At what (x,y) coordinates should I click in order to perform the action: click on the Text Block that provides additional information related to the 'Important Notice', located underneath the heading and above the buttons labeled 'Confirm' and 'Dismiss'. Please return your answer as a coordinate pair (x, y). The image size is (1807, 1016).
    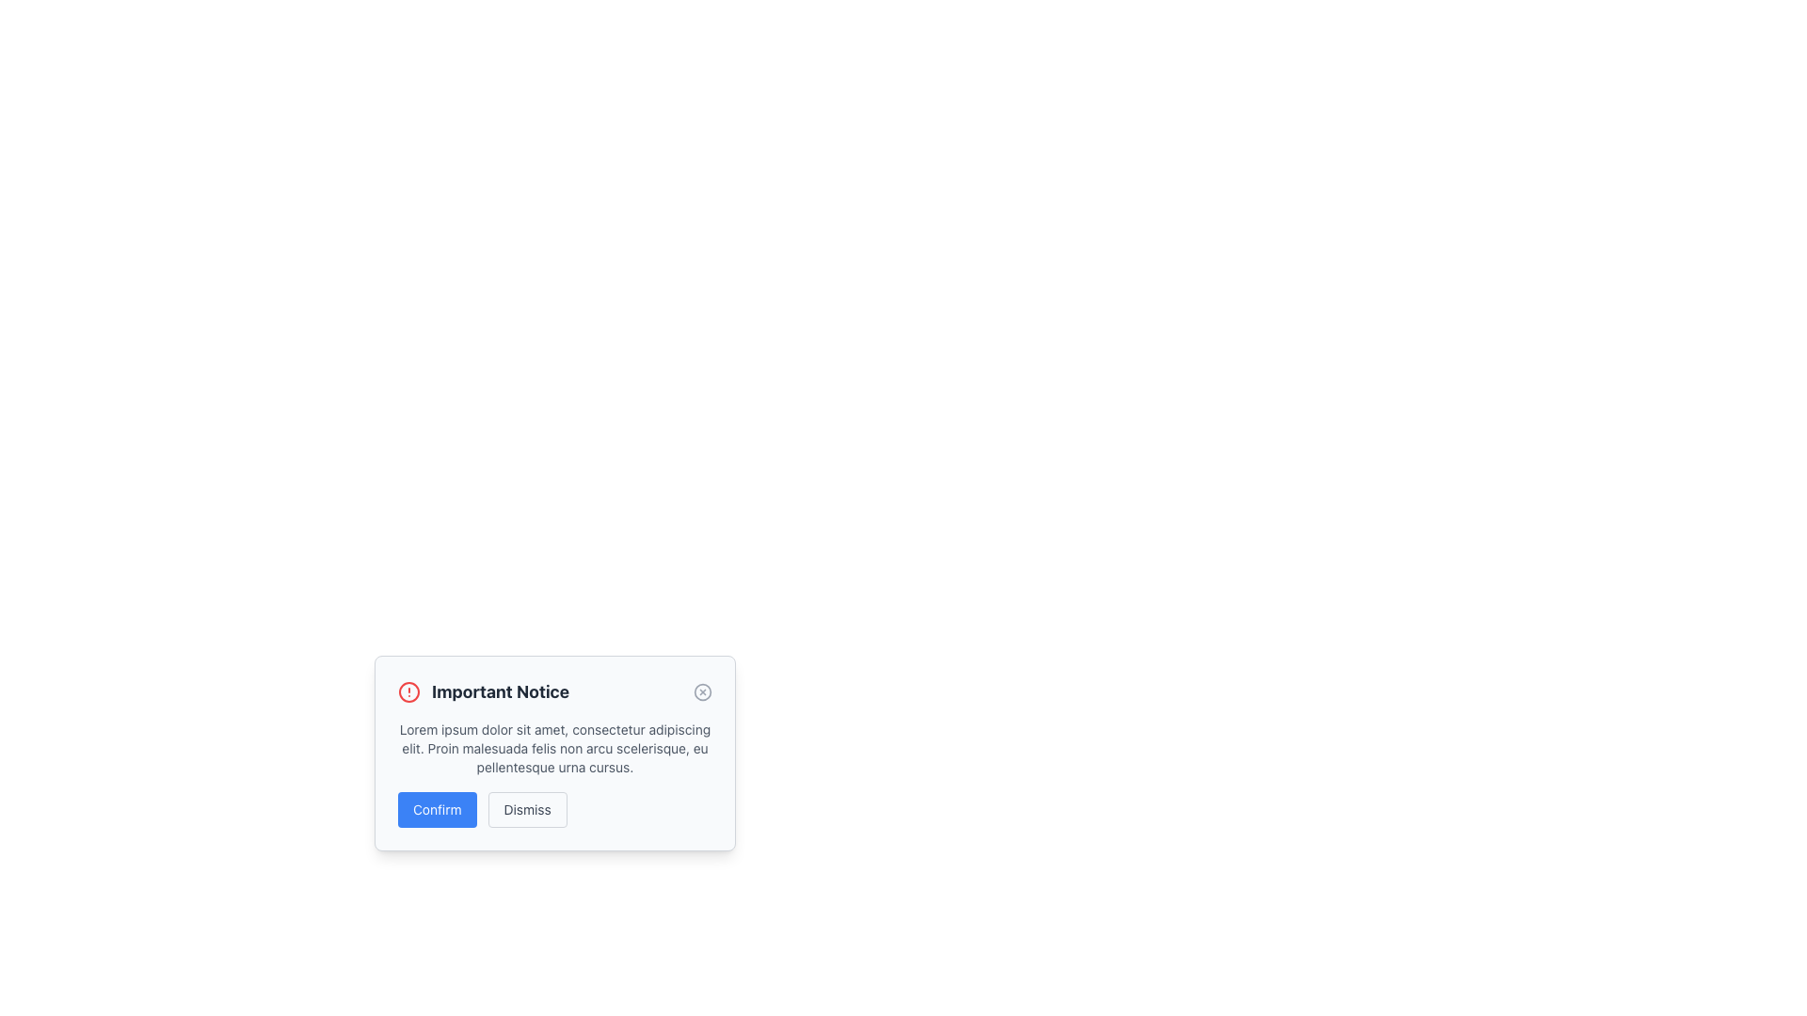
    Looking at the image, I should click on (554, 747).